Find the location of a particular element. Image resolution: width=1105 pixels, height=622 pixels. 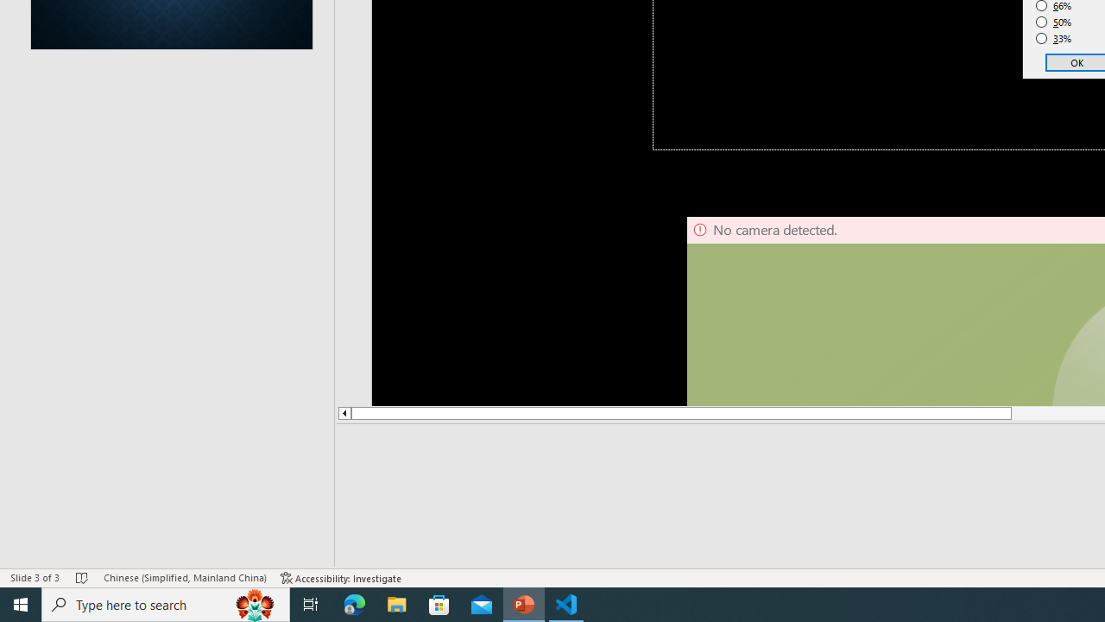

'Microsoft Store' is located at coordinates (439, 603).